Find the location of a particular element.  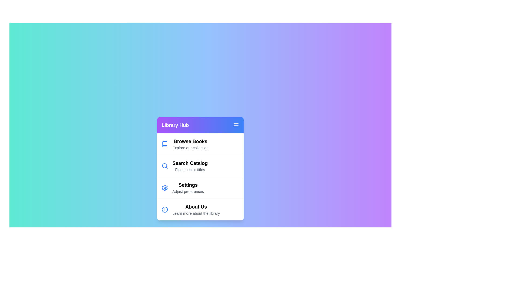

the menu item Browse Books by clicking on it is located at coordinates (200, 144).